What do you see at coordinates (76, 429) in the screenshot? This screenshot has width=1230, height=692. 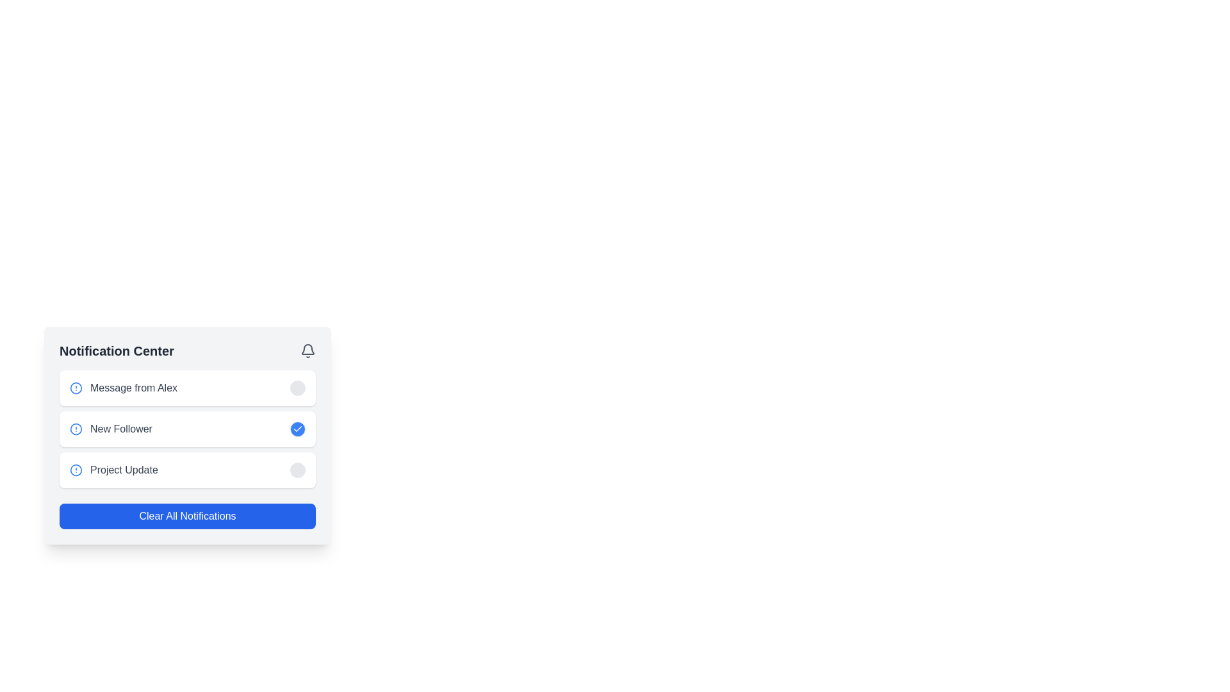 I see `attributes of the 'New Follower' notification icon located to the left of the text 'New Follower' in the notification center` at bounding box center [76, 429].